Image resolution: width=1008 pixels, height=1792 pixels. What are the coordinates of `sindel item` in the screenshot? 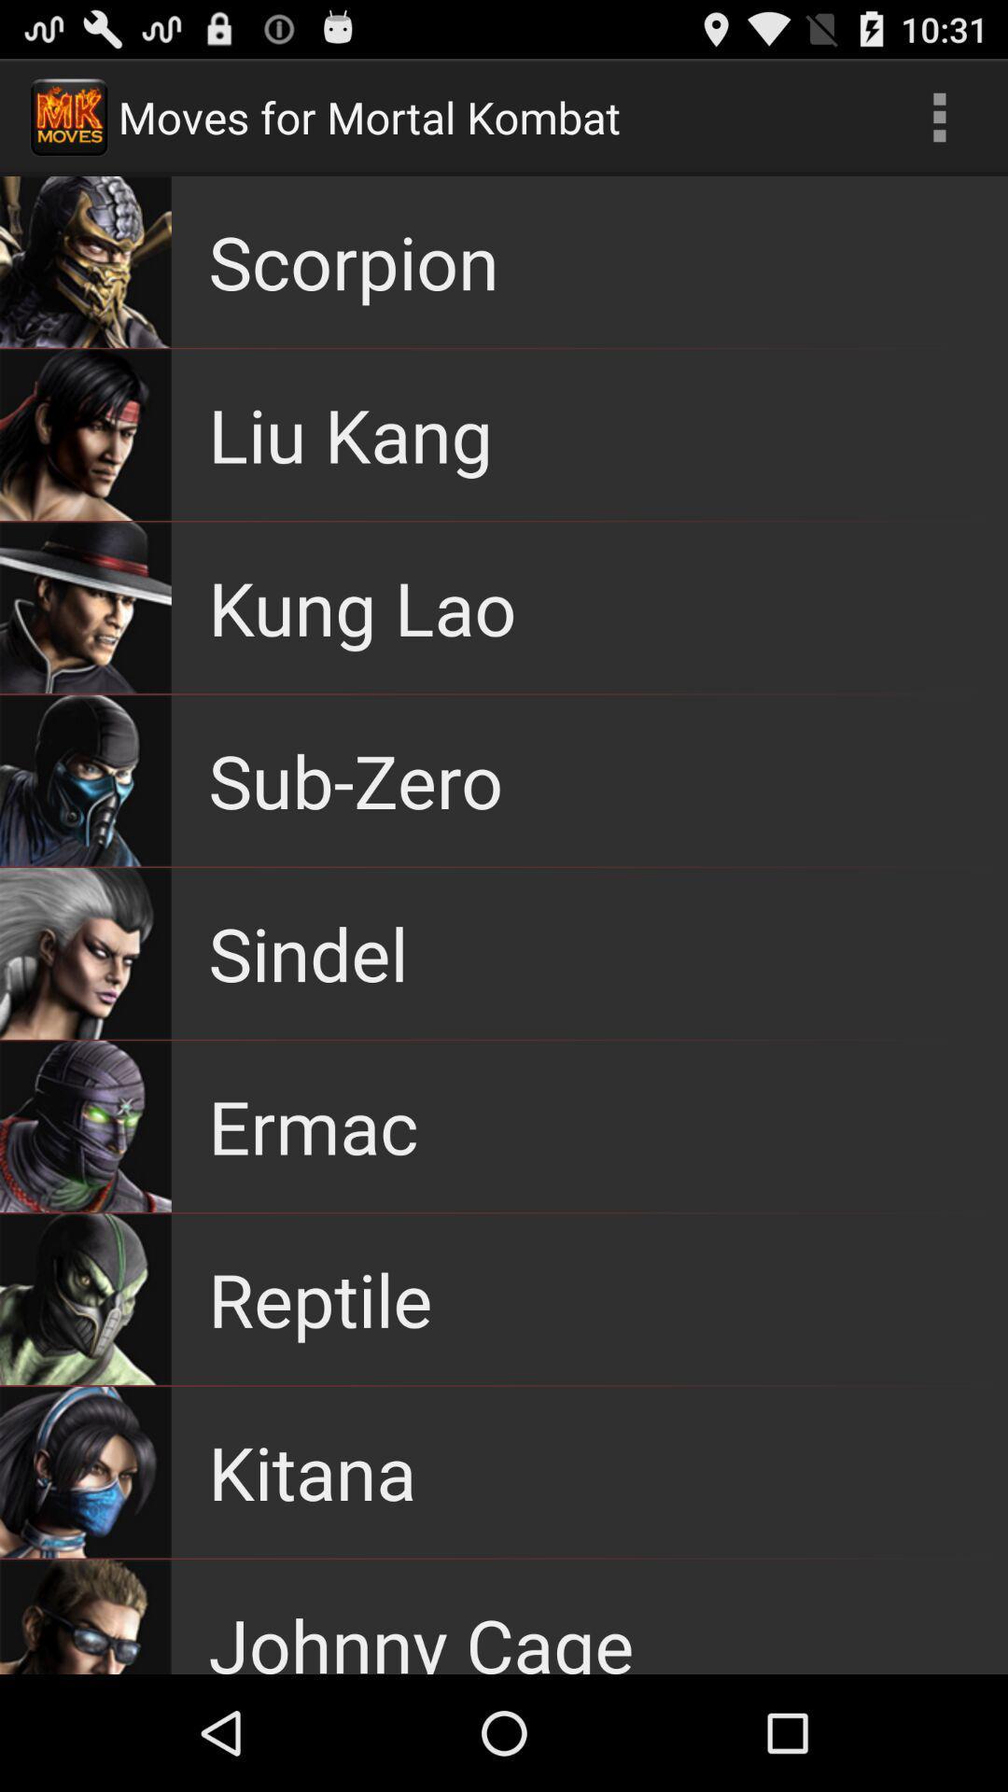 It's located at (307, 953).